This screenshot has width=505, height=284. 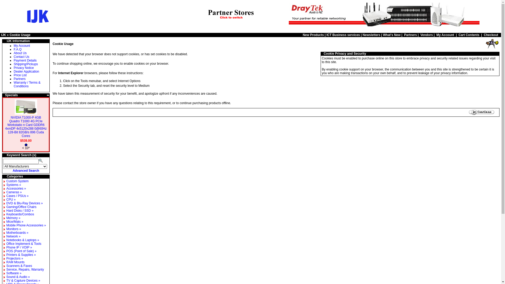 I want to click on 'My Account', so click(x=436, y=35).